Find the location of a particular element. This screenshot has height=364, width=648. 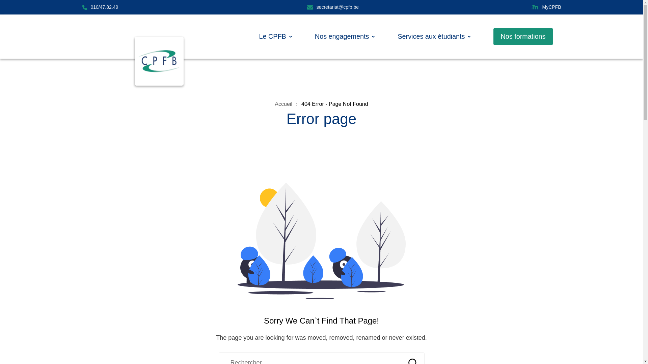

'Nos engagements' is located at coordinates (342, 36).